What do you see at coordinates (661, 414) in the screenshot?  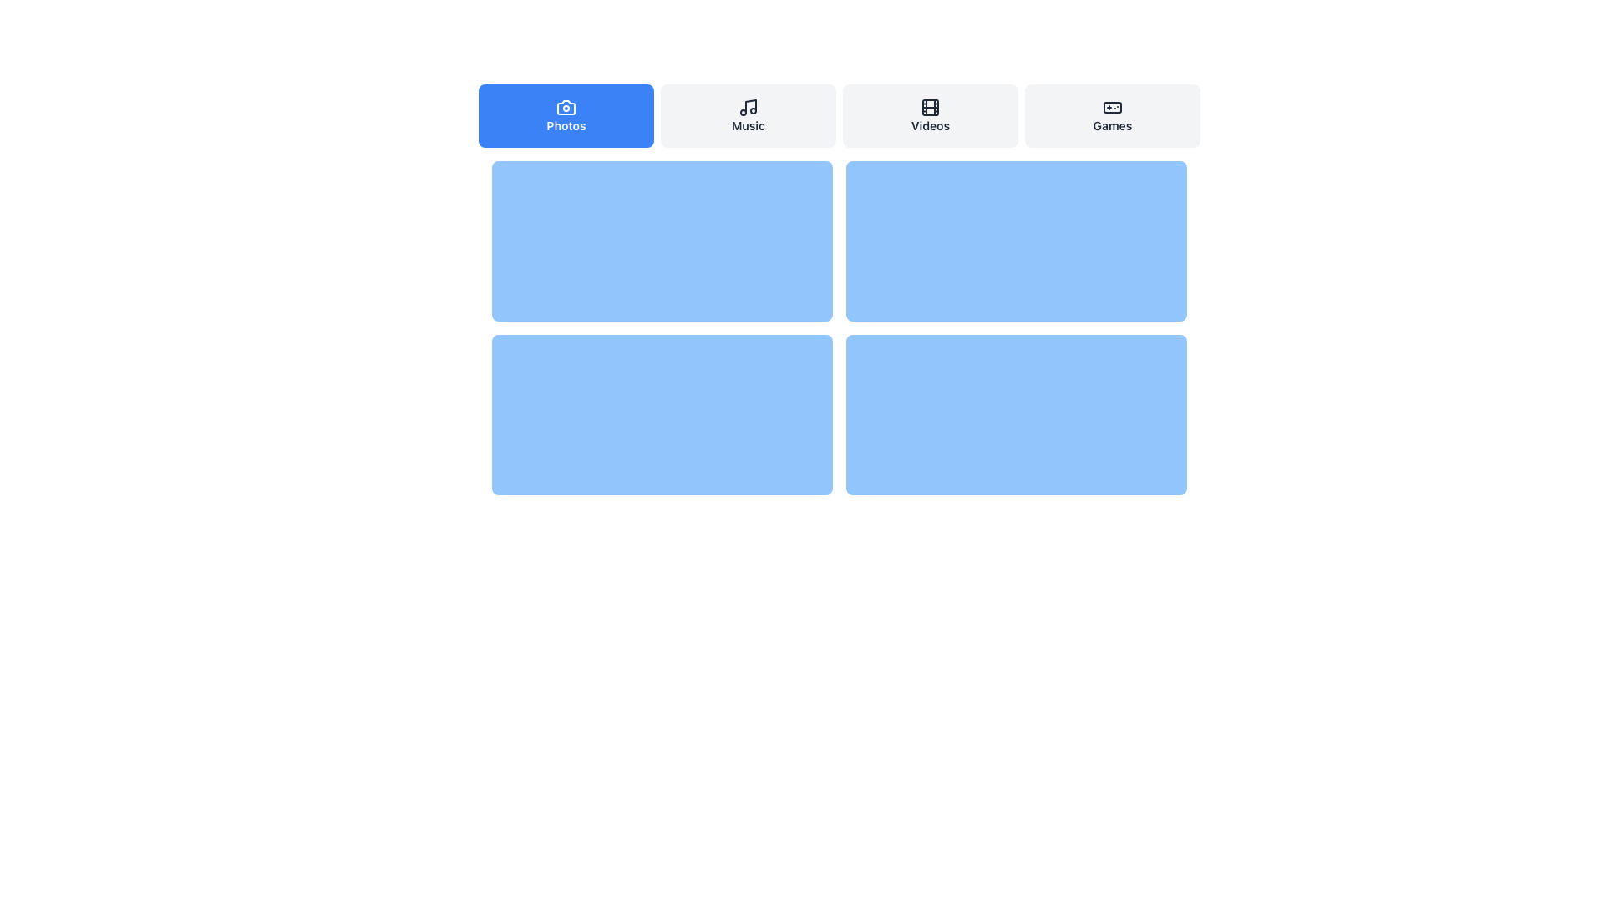 I see `the light blue rectangular box with rounded corners located` at bounding box center [661, 414].